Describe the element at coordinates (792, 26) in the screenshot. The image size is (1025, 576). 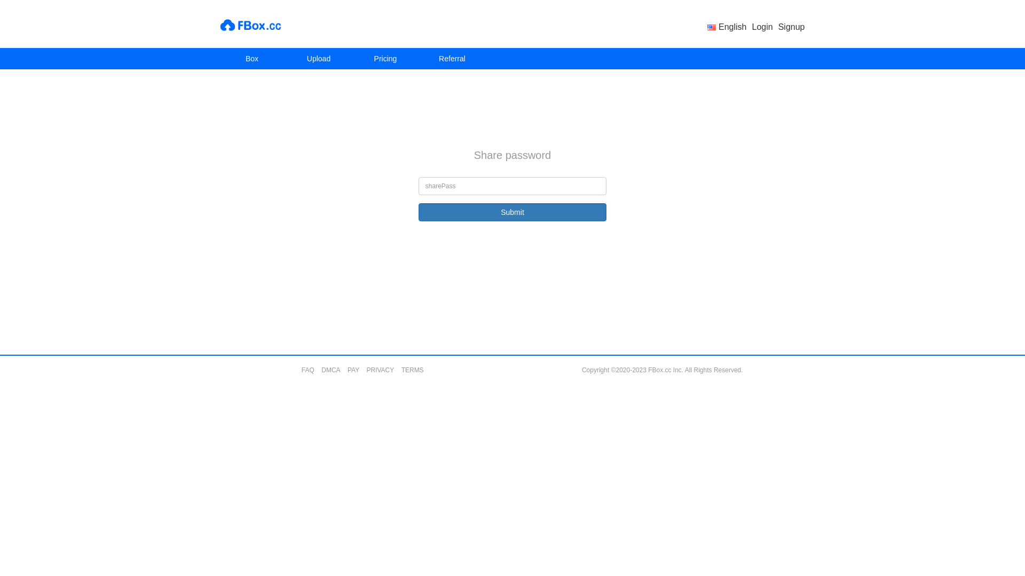
I see `'Signup'` at that location.